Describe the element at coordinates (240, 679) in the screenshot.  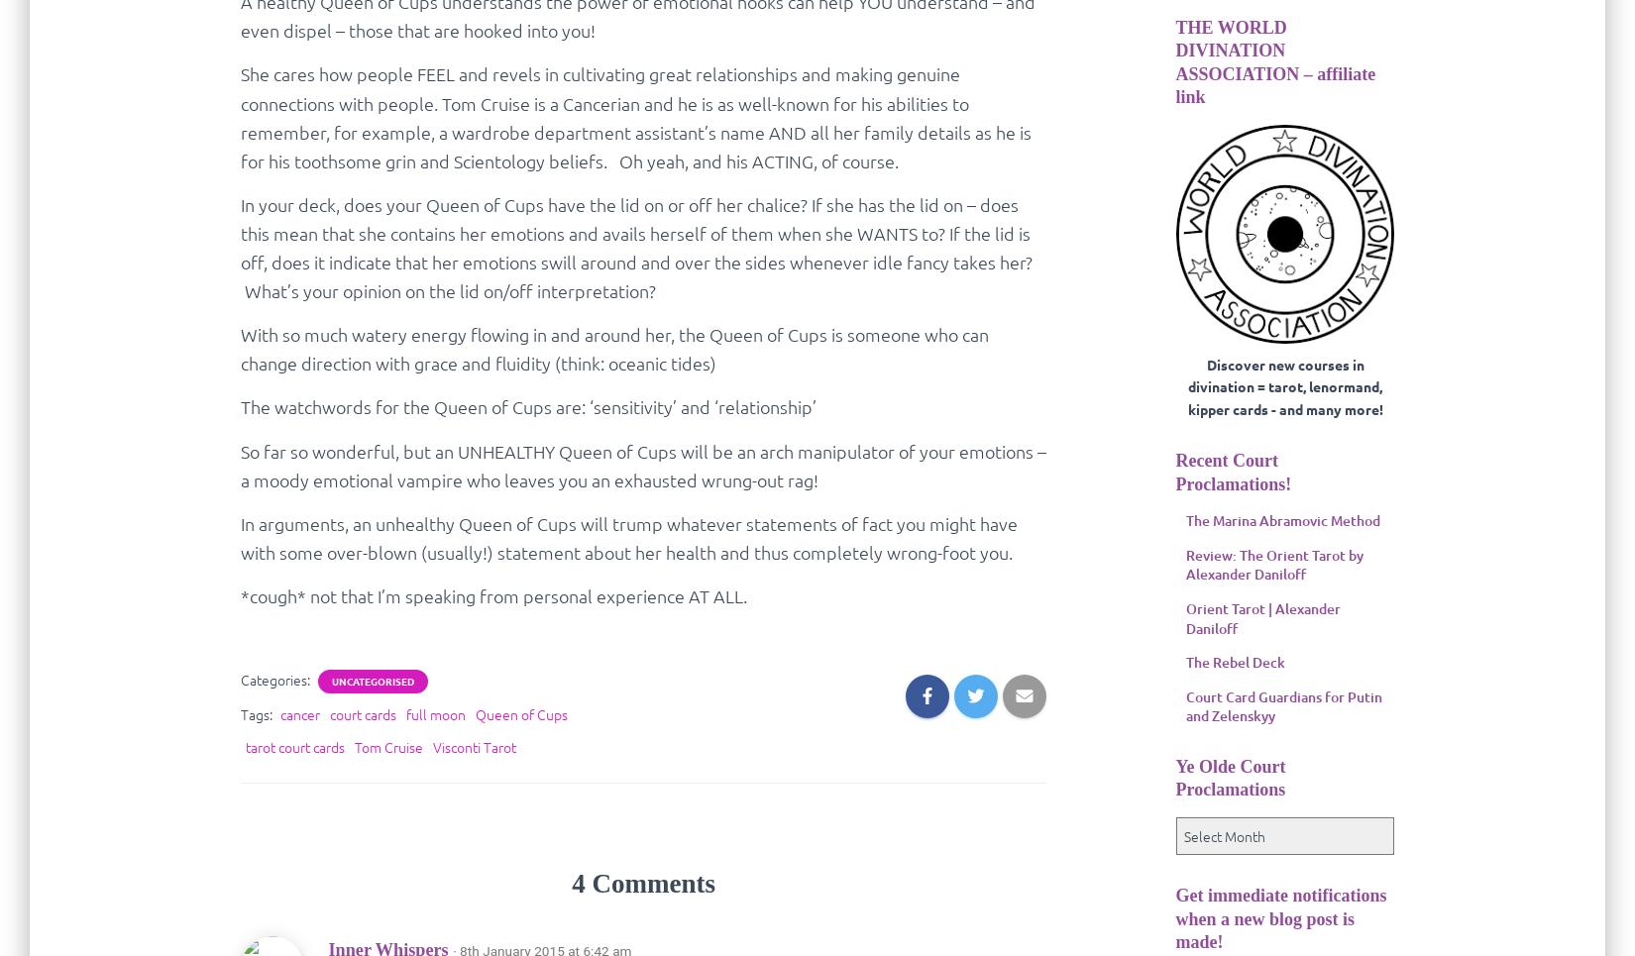
I see `'Categories:'` at that location.